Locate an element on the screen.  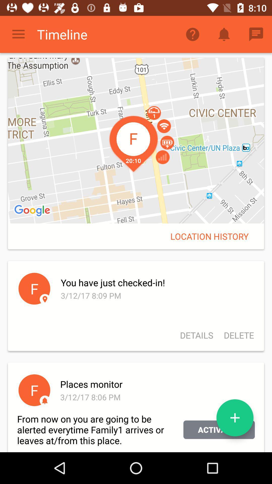
the icon on the right is located at coordinates (210, 236).